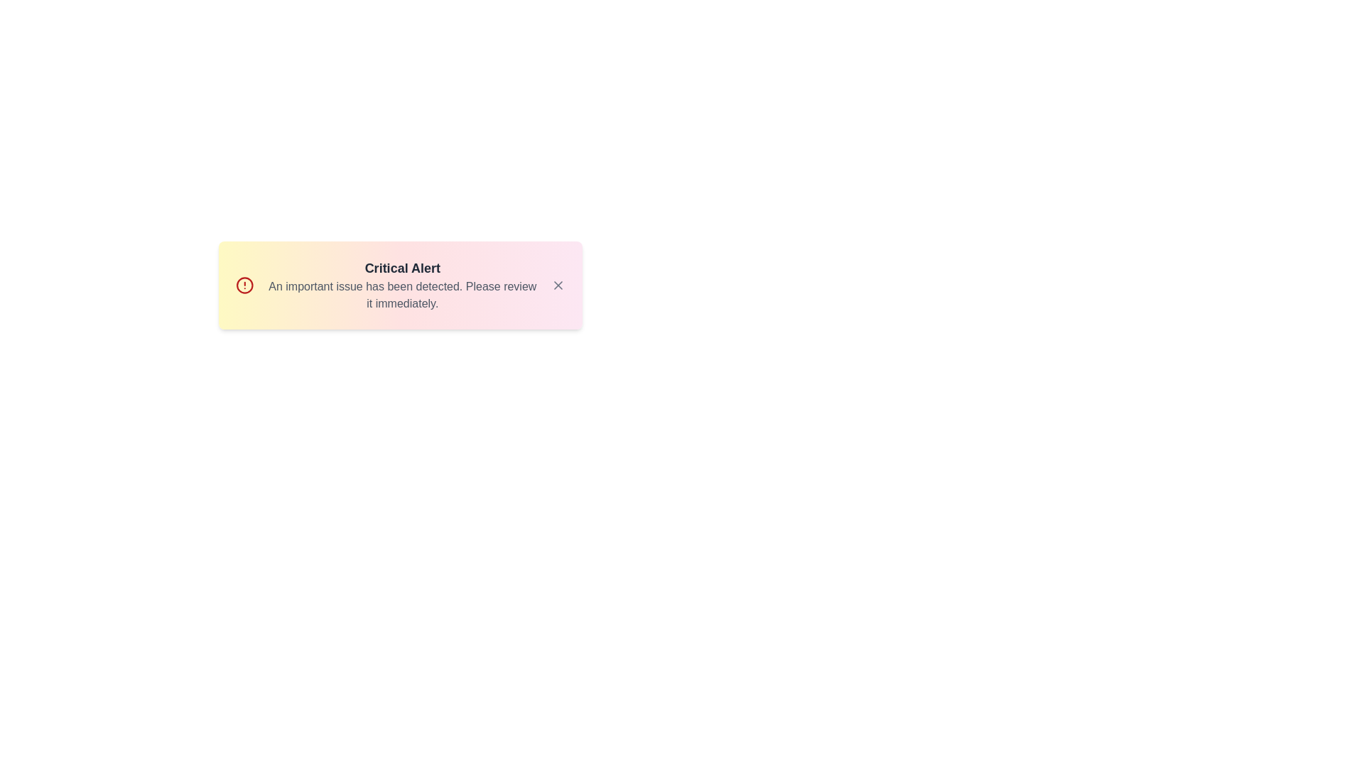 Image resolution: width=1364 pixels, height=767 pixels. I want to click on the Close button icon located in the top-right corner of the notification box to potentially reveal additional effects, so click(558, 285).